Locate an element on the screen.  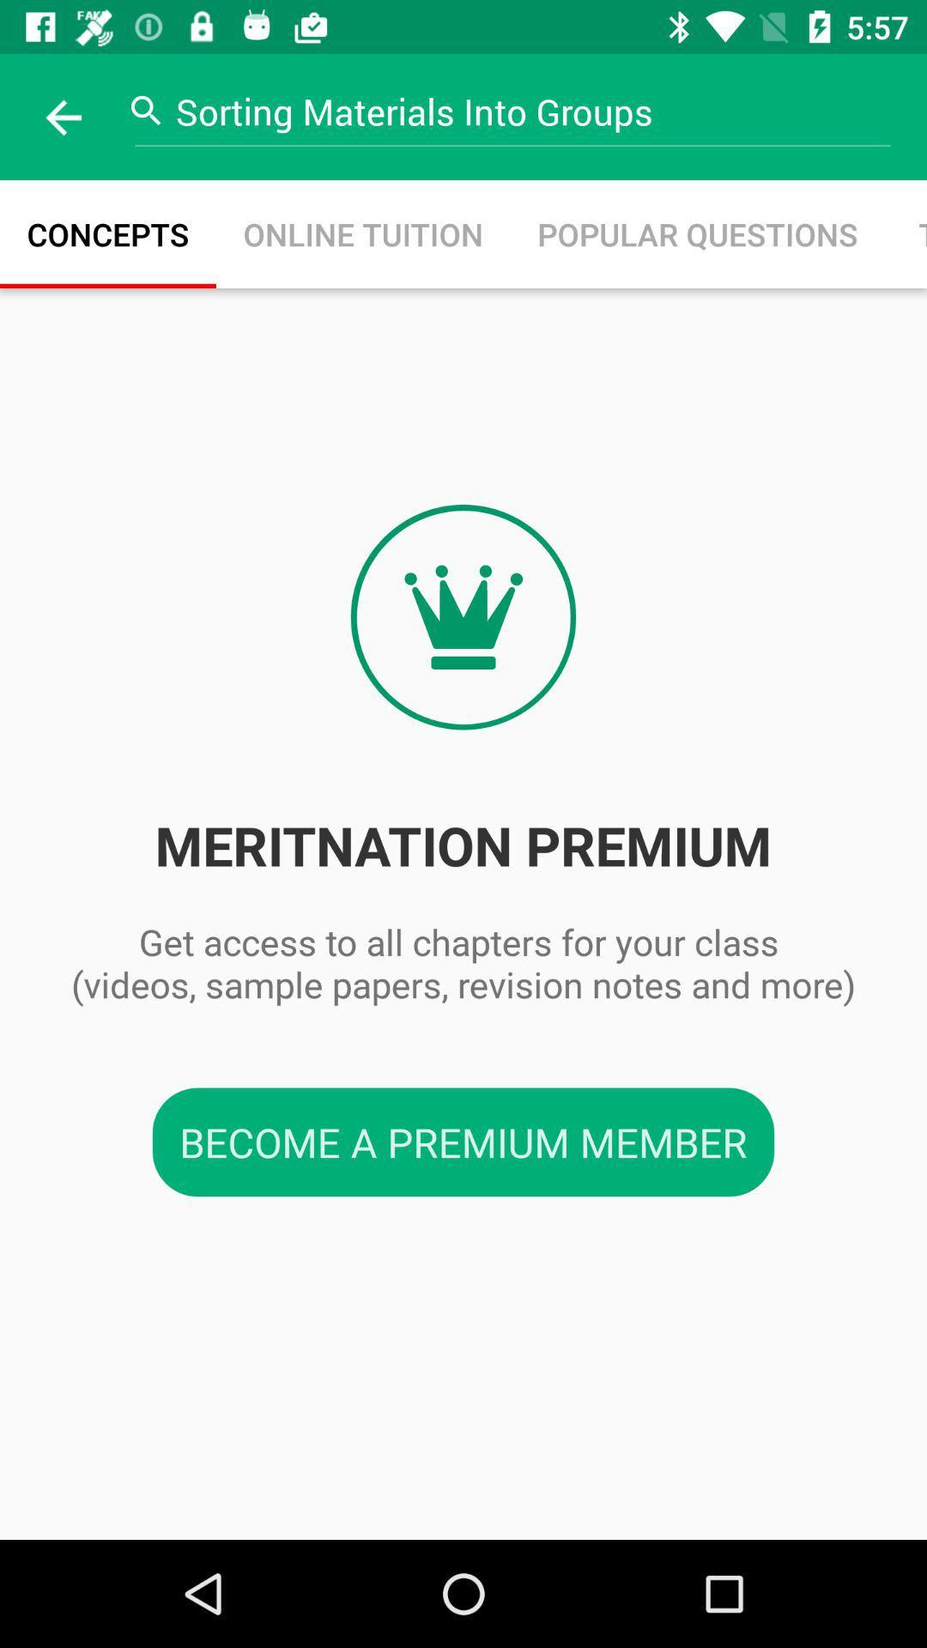
the become a premium item is located at coordinates (463, 1142).